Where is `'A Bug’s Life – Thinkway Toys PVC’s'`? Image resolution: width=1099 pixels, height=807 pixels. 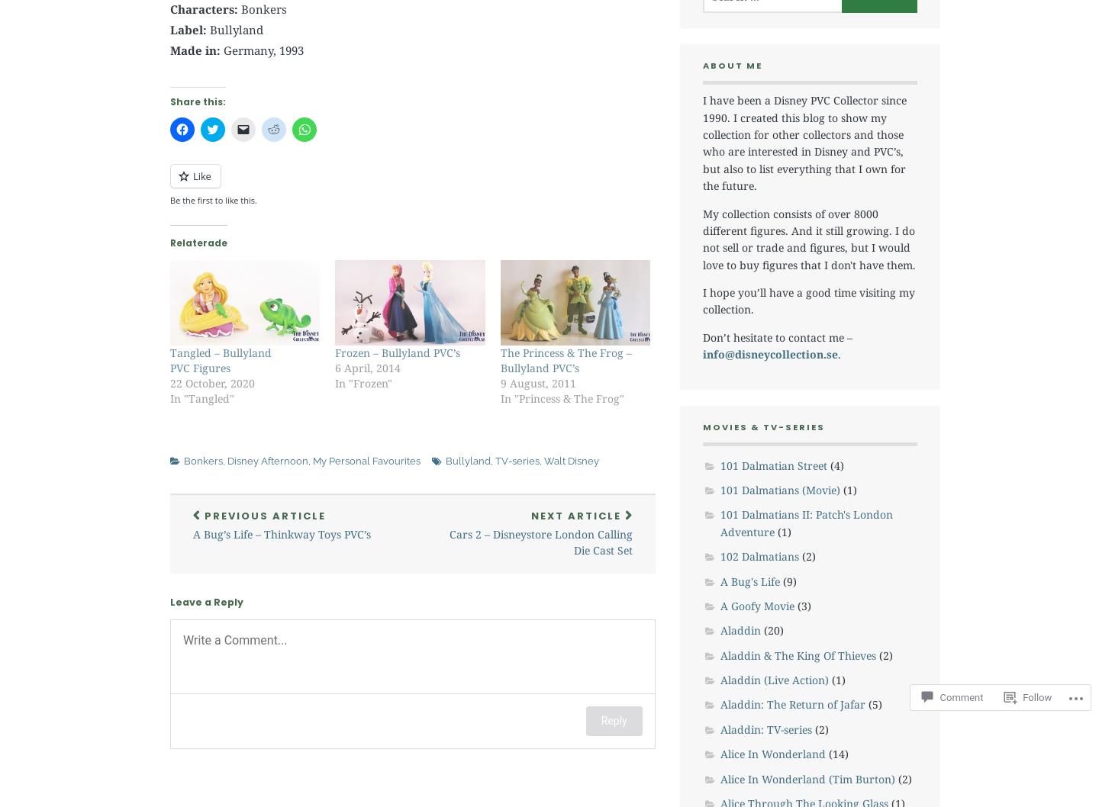 'A Bug’s Life – Thinkway Toys PVC’s' is located at coordinates (281, 532).